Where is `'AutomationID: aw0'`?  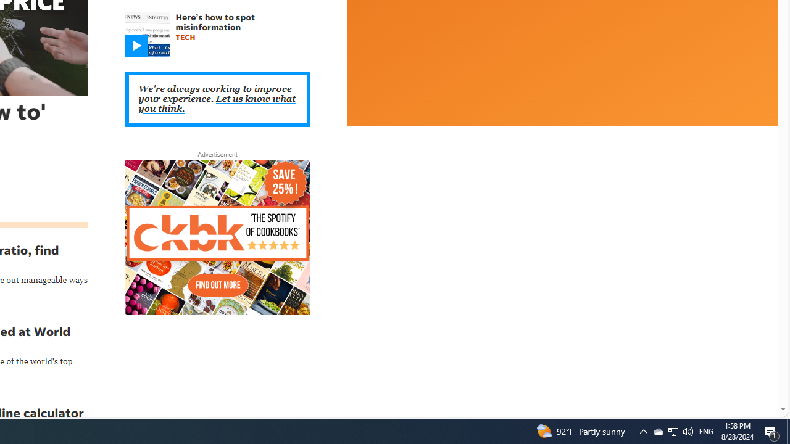 'AutomationID: aw0' is located at coordinates (217, 238).